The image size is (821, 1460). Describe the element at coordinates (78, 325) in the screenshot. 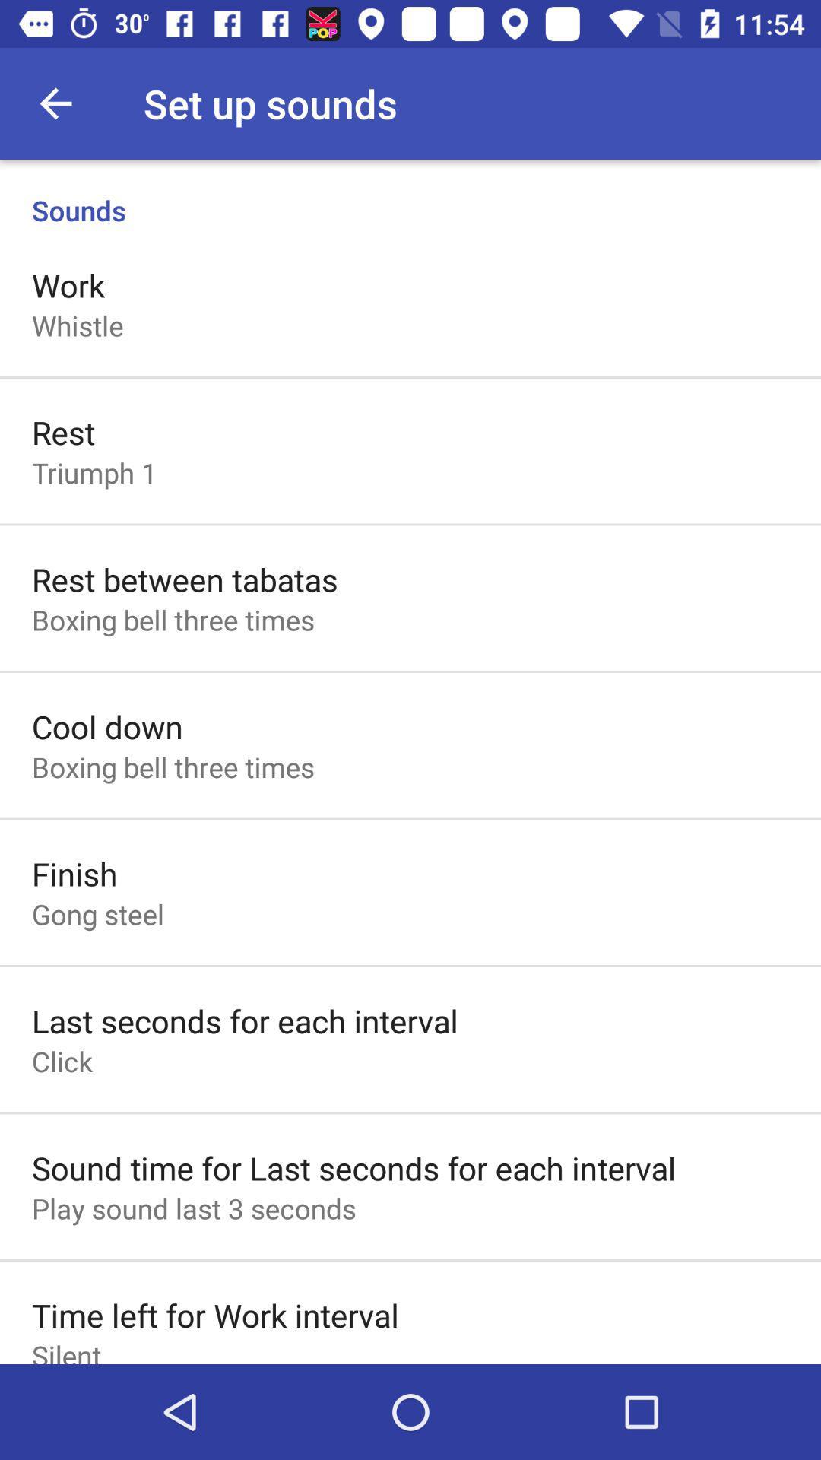

I see `the icon above rest item` at that location.